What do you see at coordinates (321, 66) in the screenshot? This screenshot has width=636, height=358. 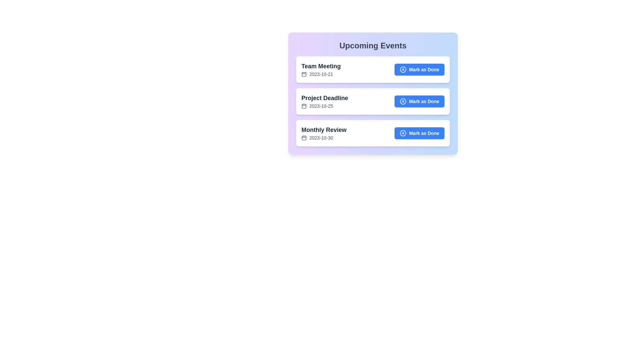 I see `the text of the event title Team Meeting` at bounding box center [321, 66].